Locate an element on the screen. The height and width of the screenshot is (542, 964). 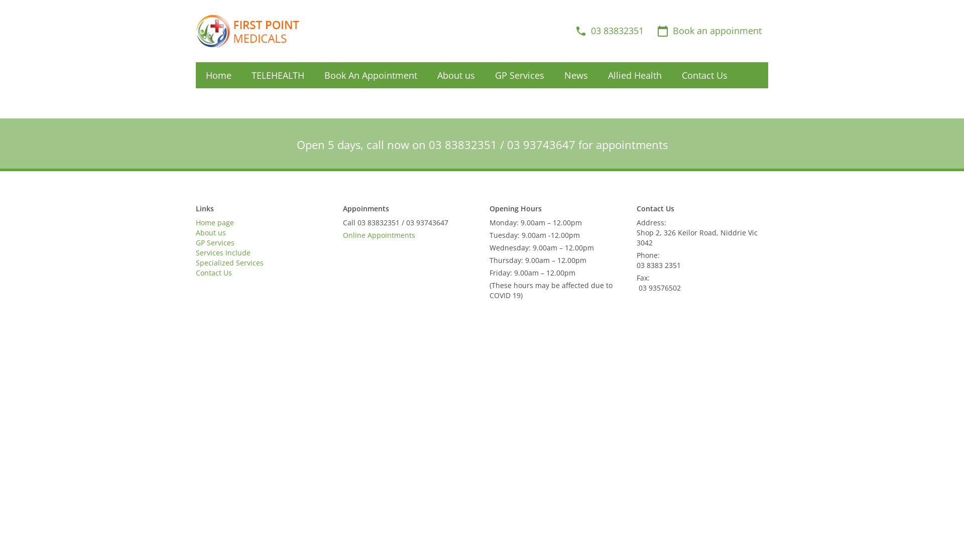
'Online Appointments' is located at coordinates (378, 235).